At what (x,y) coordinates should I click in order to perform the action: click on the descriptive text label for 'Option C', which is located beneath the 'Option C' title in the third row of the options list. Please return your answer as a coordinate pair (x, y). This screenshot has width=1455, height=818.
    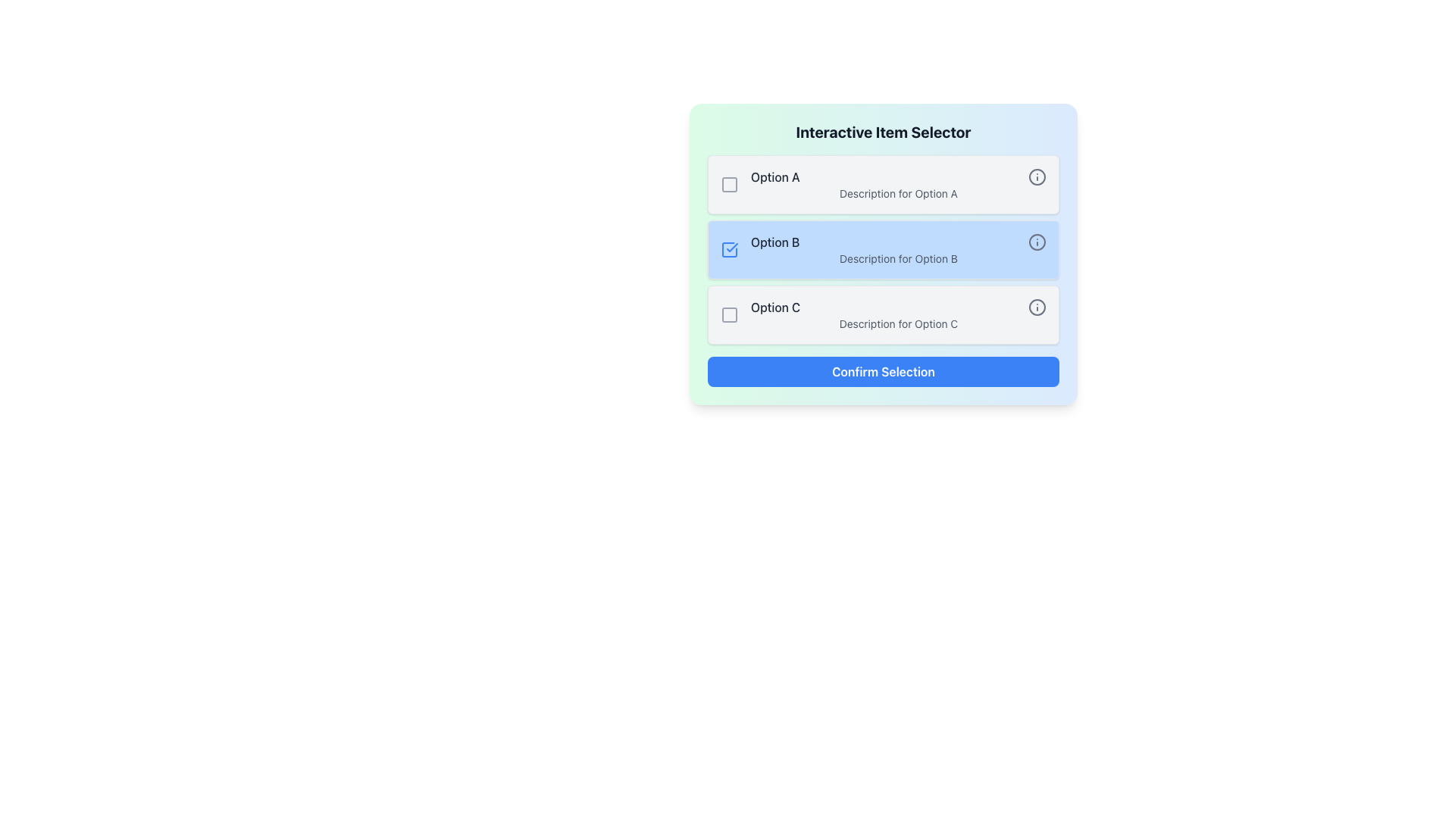
    Looking at the image, I should click on (898, 323).